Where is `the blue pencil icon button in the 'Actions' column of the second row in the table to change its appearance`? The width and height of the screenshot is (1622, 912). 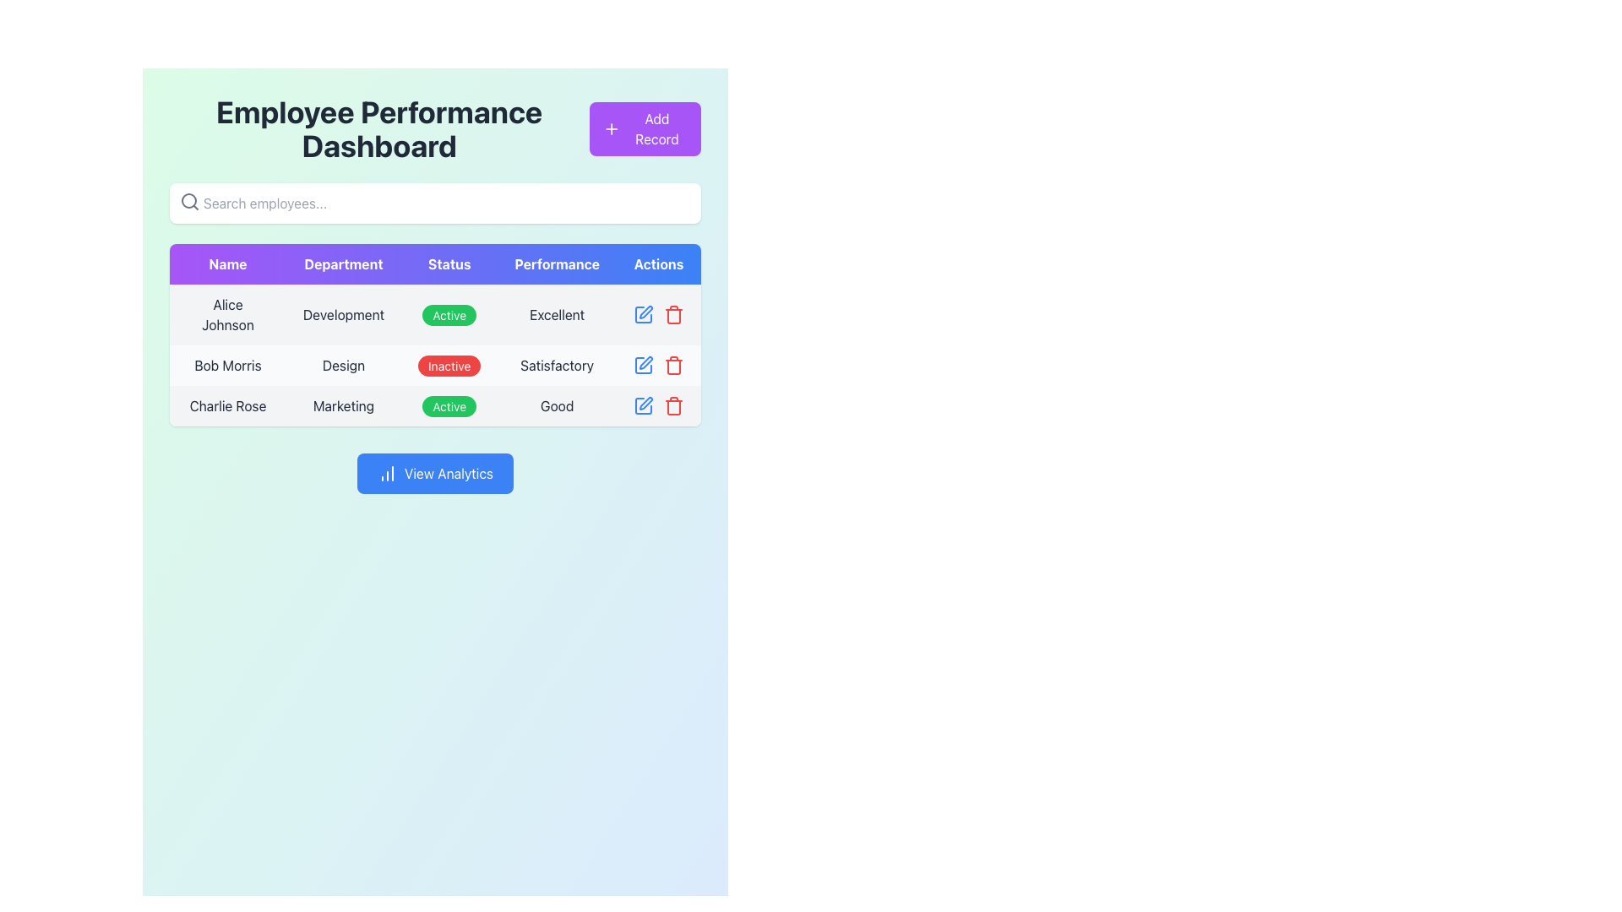
the blue pencil icon button in the 'Actions' column of the second row in the table to change its appearance is located at coordinates (643, 364).